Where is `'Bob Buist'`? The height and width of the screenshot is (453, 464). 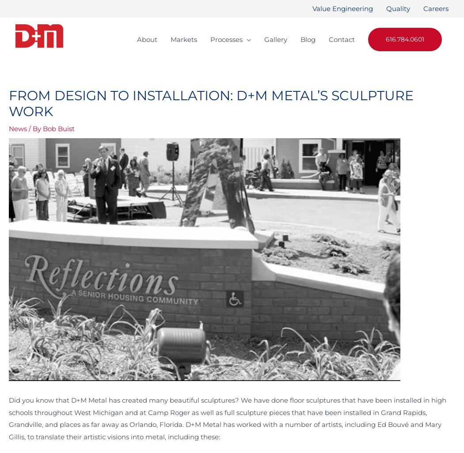 'Bob Buist' is located at coordinates (43, 128).